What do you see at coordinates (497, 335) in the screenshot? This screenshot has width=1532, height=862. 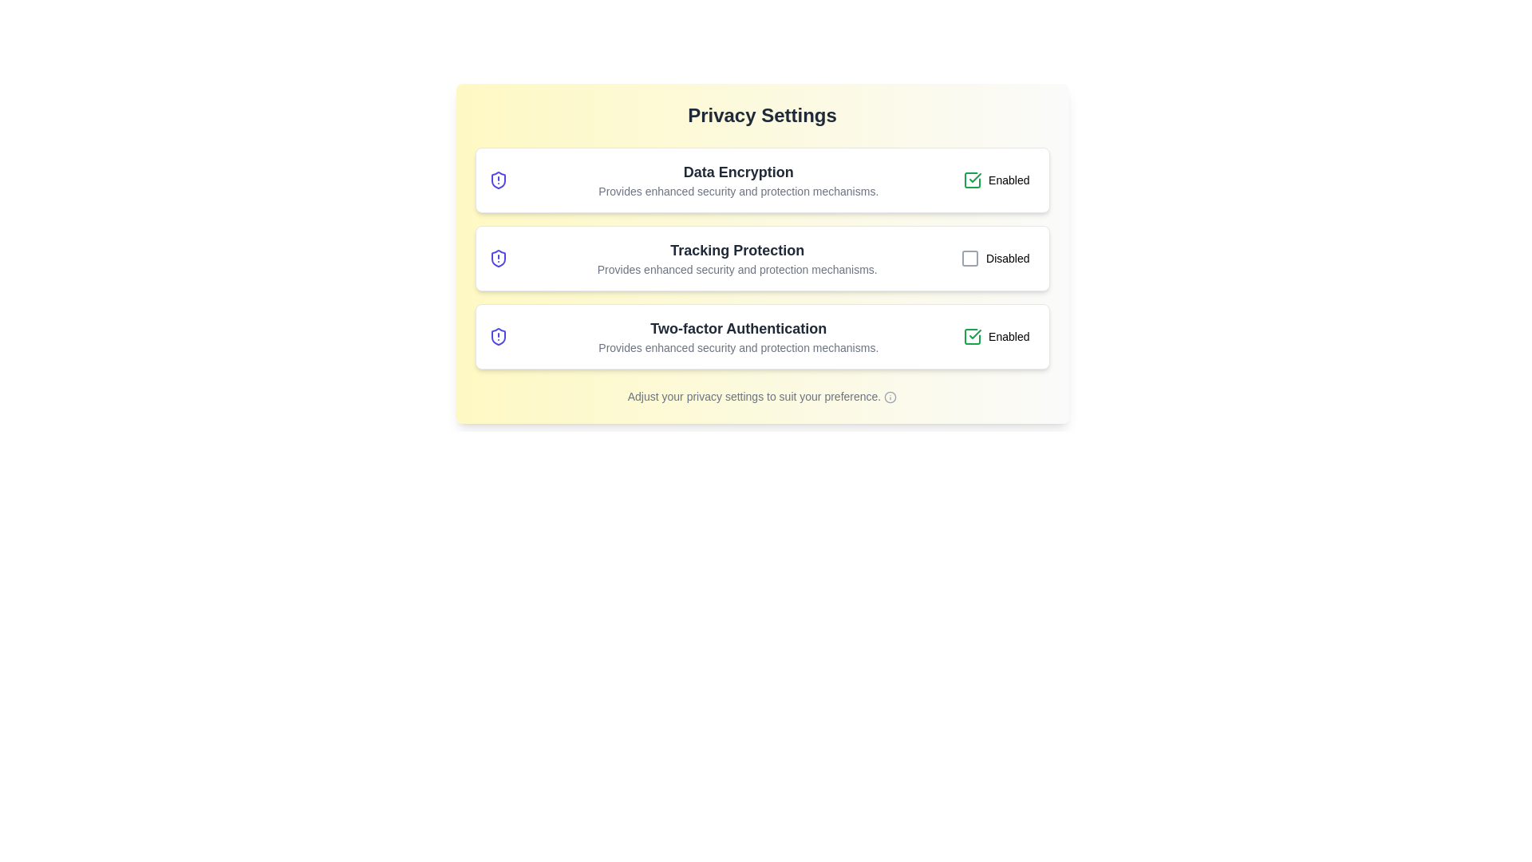 I see `properties of the shield icon with a warning symbol, which is located to the left of the 'Two-factor Authentication' text in the third privacy settings card` at bounding box center [497, 335].